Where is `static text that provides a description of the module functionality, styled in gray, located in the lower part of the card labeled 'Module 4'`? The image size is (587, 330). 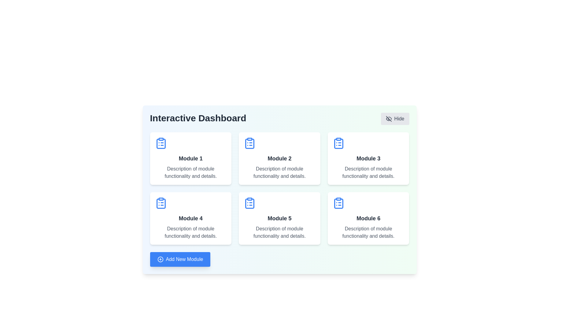
static text that provides a description of the module functionality, styled in gray, located in the lower part of the card labeled 'Module 4' is located at coordinates (190, 232).